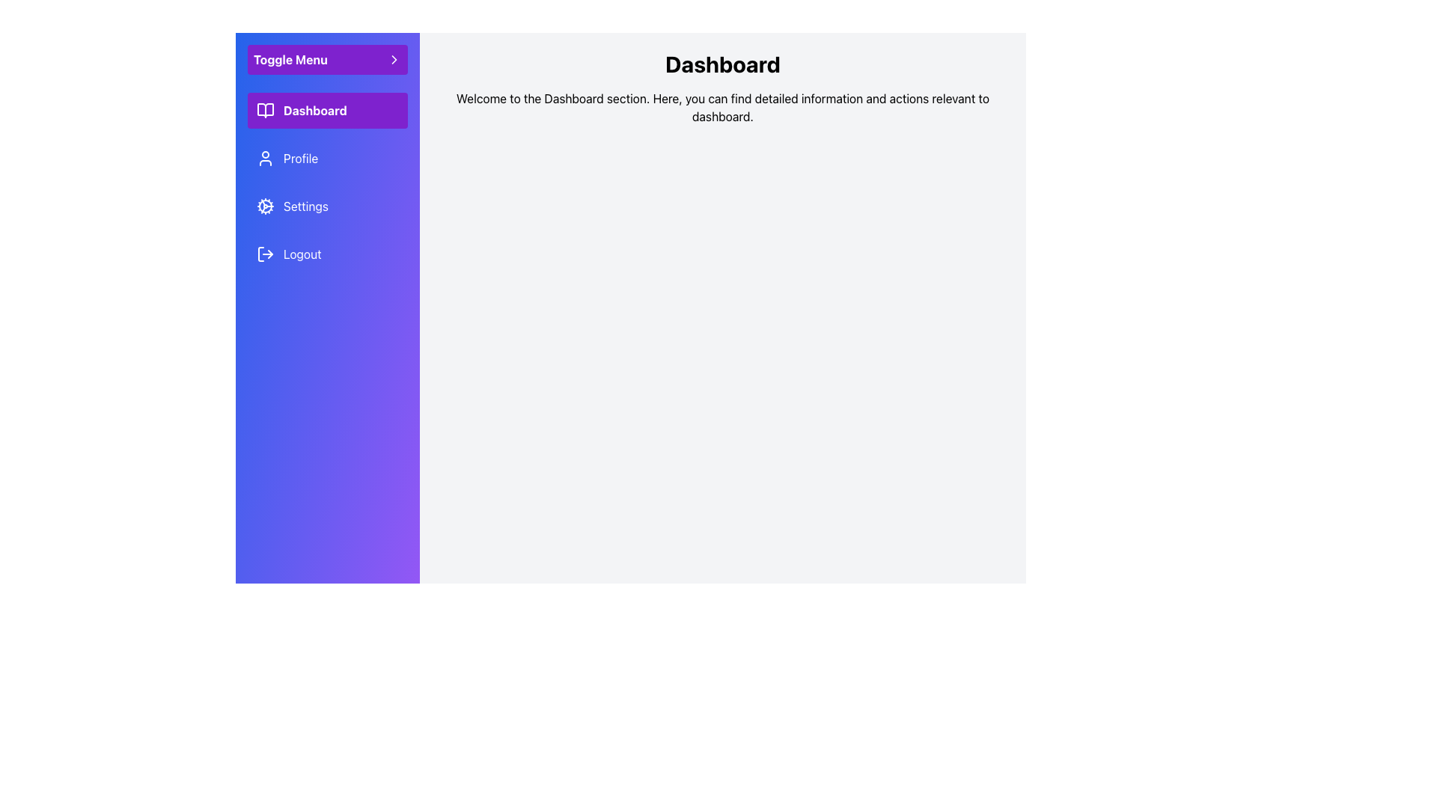 The image size is (1437, 808). I want to click on the 'Dashboard' text label, which is styled in bold white font on a purple background, located in the second menu item of the vertical navigation bar, so click(314, 109).